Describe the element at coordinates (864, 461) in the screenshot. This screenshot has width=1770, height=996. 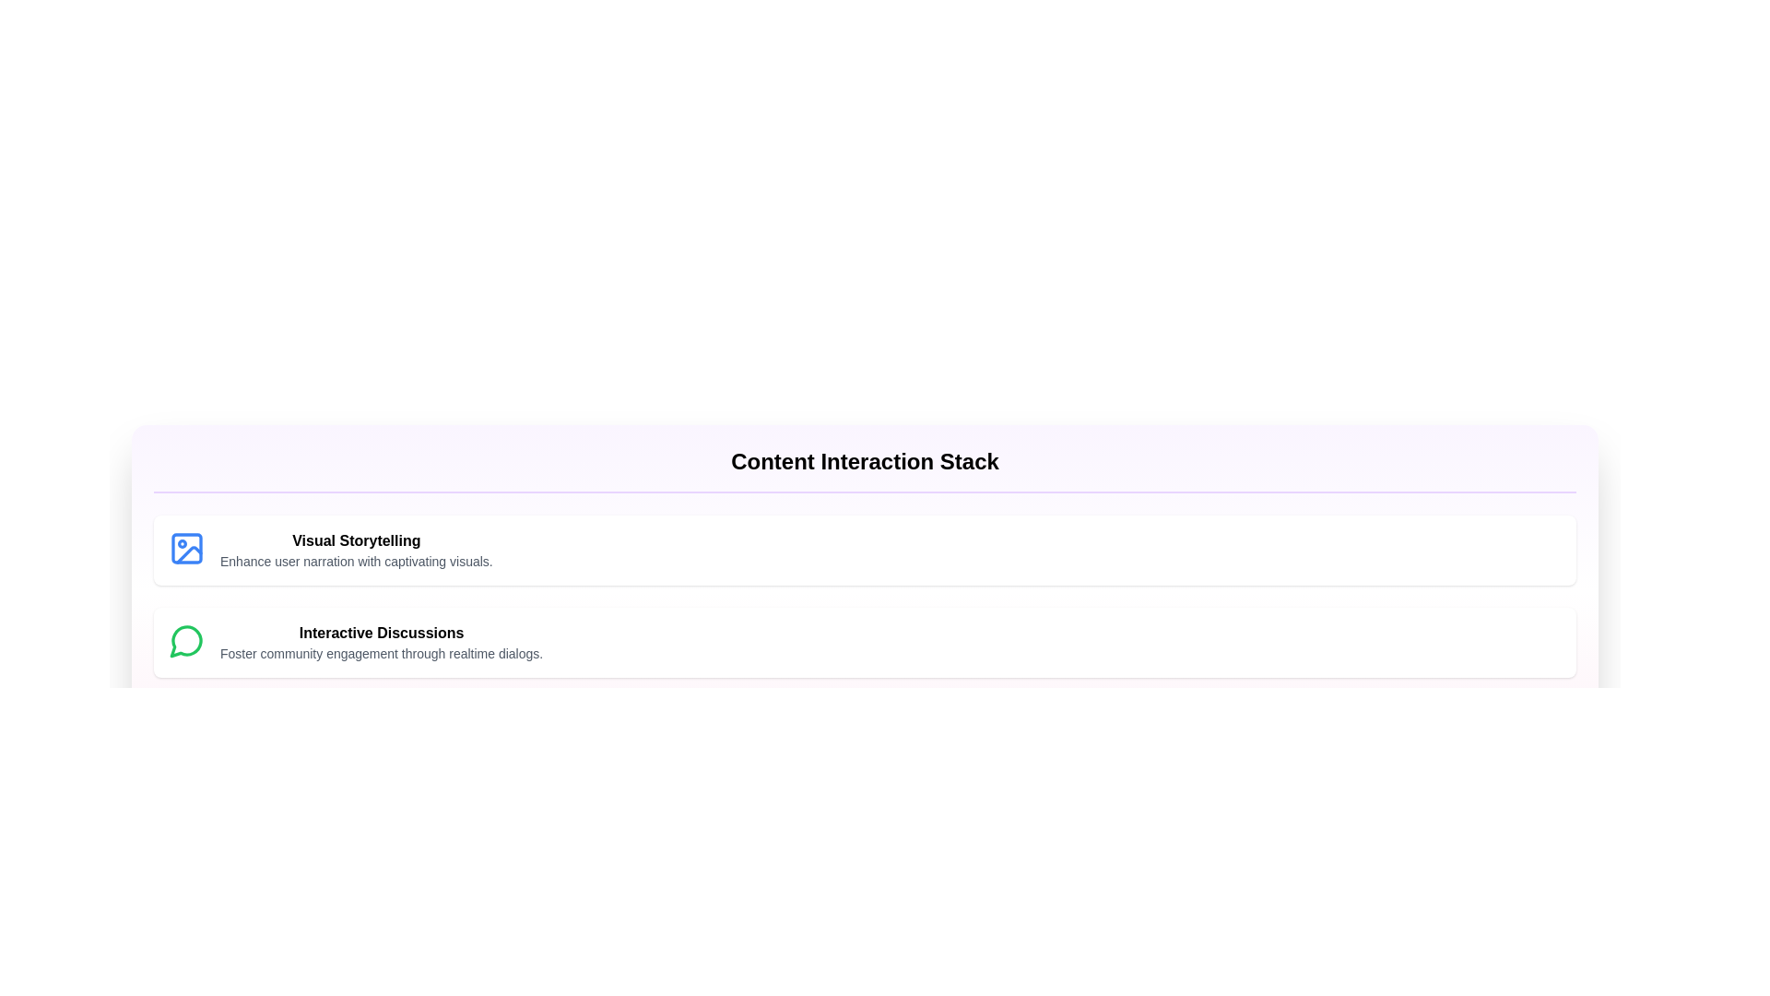
I see `the large, bold header text 'Content Interaction Stack' which is centrally positioned at the top of the section with black text on a white background` at that location.